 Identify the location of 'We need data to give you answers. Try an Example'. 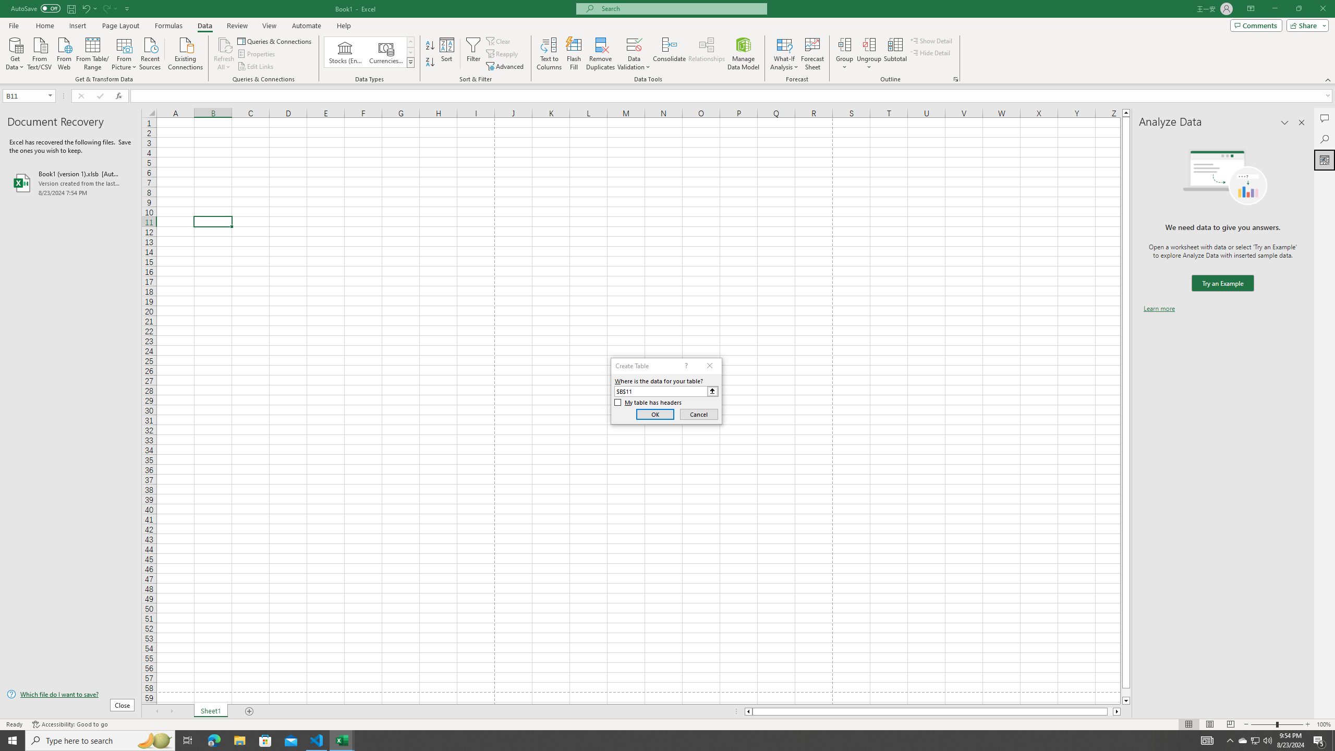
(1222, 283).